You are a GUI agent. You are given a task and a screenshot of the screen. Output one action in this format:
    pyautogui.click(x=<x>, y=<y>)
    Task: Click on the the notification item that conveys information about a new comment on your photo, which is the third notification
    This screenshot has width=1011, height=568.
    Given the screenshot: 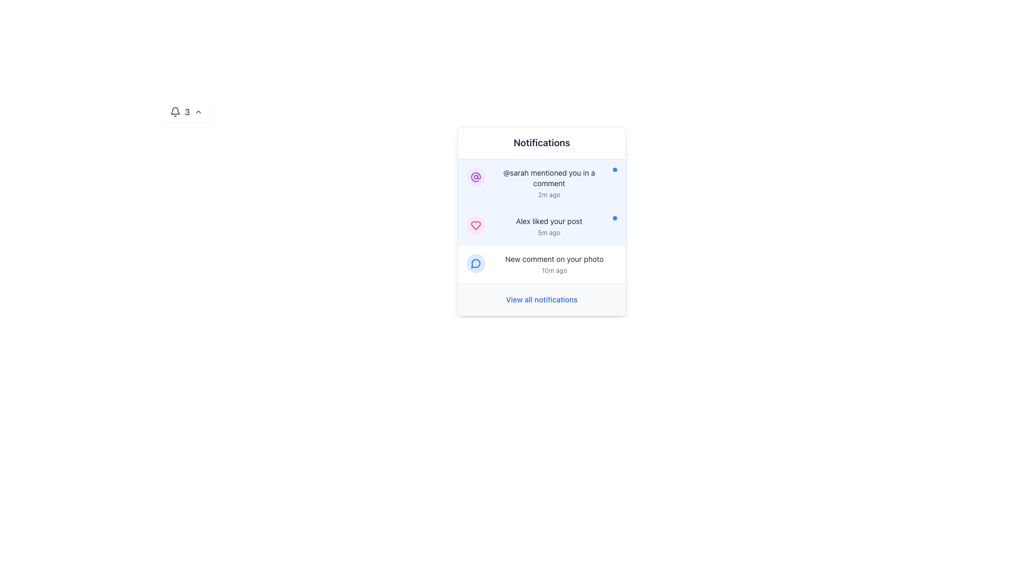 What is the action you would take?
    pyautogui.click(x=553, y=263)
    